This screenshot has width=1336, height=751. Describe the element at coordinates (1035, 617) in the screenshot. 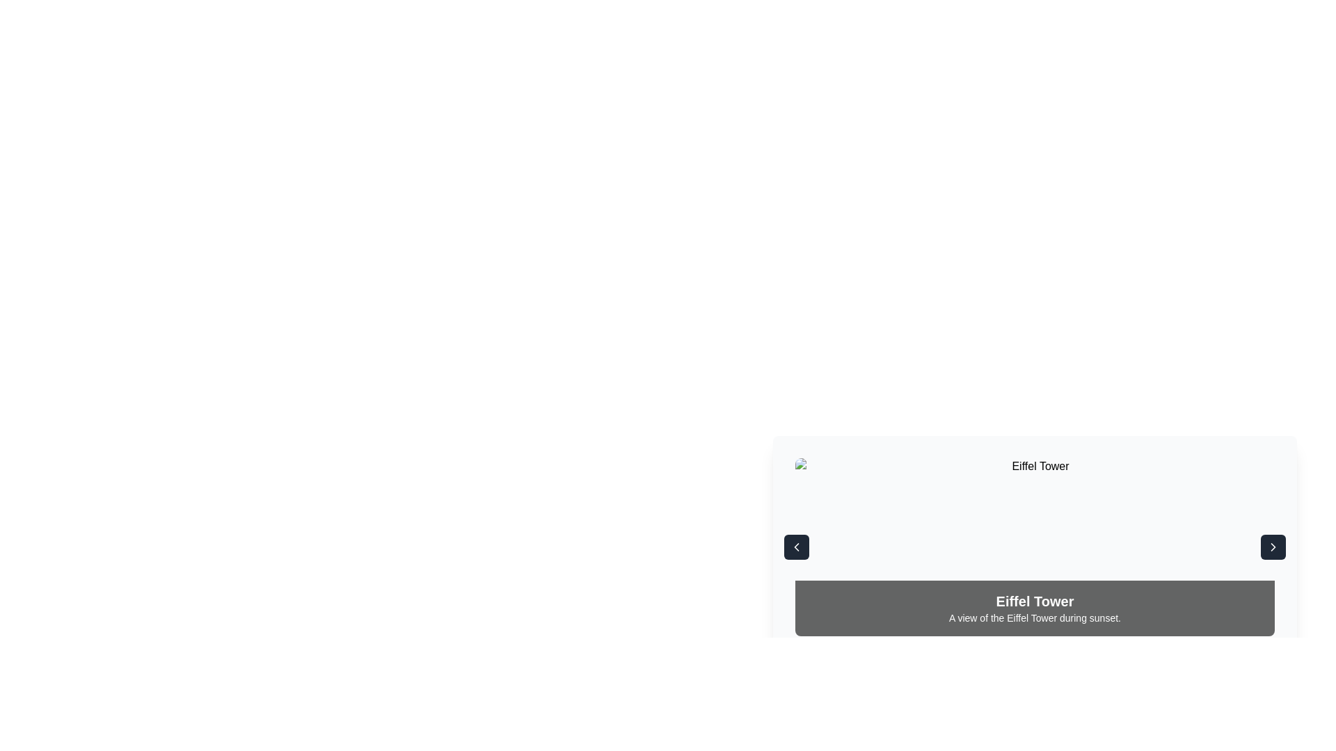

I see `text label displaying 'A view of the Eiffel Tower during sunset.', which is located below the title 'Eiffel Tower' in a black semi-transparent rectangle` at that location.